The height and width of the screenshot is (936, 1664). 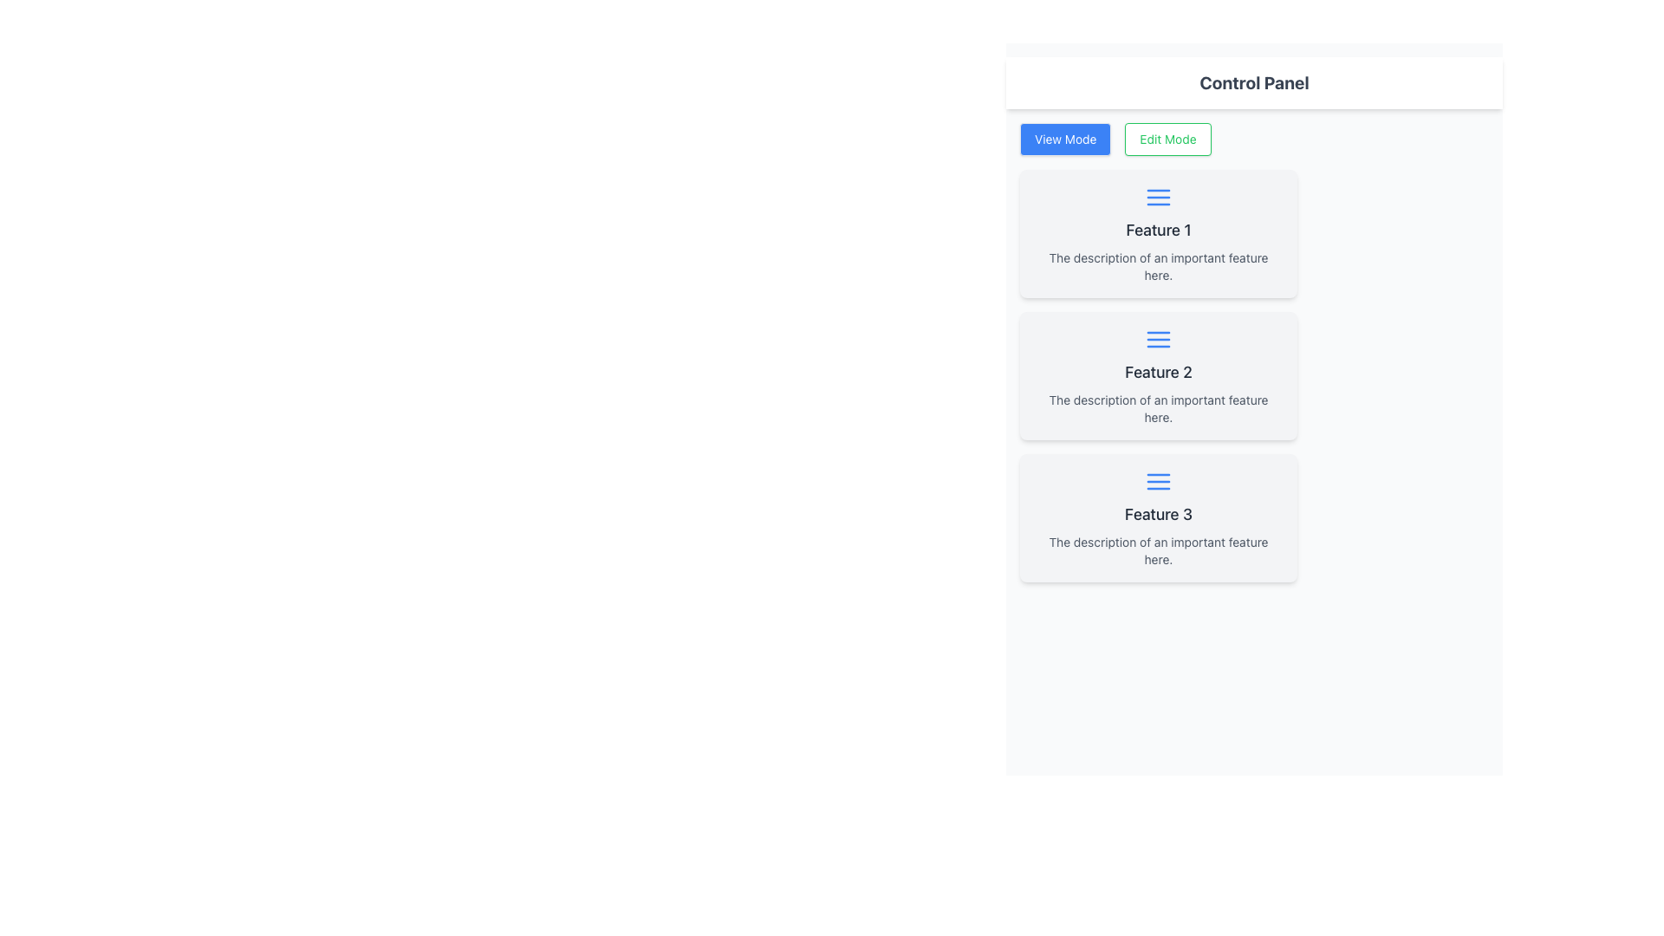 I want to click on the blue hamburger icon located at the top center of the second card, positioned above the 'Feature 2' text, so click(x=1159, y=340).